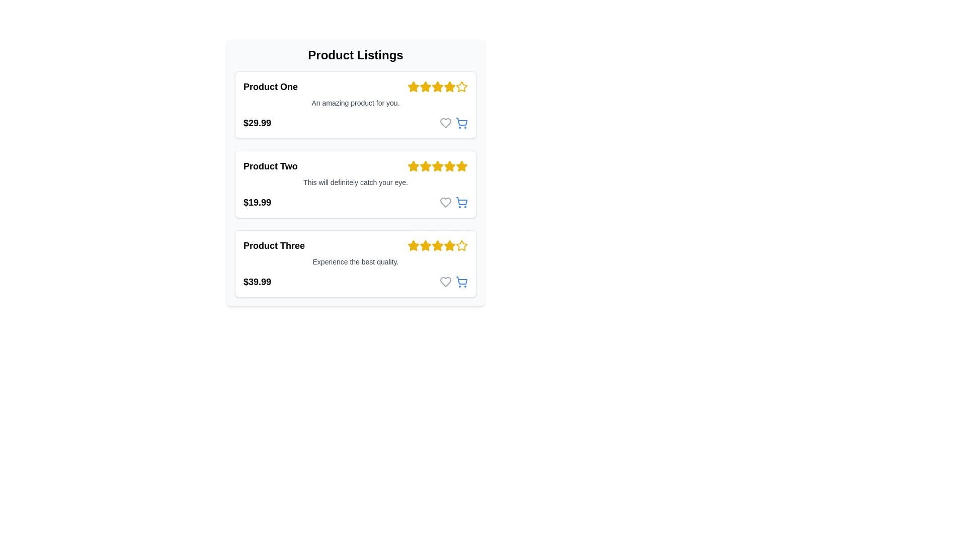 The image size is (966, 543). I want to click on the heart icon outlined in gray, located within the first product listing card, so click(445, 123).